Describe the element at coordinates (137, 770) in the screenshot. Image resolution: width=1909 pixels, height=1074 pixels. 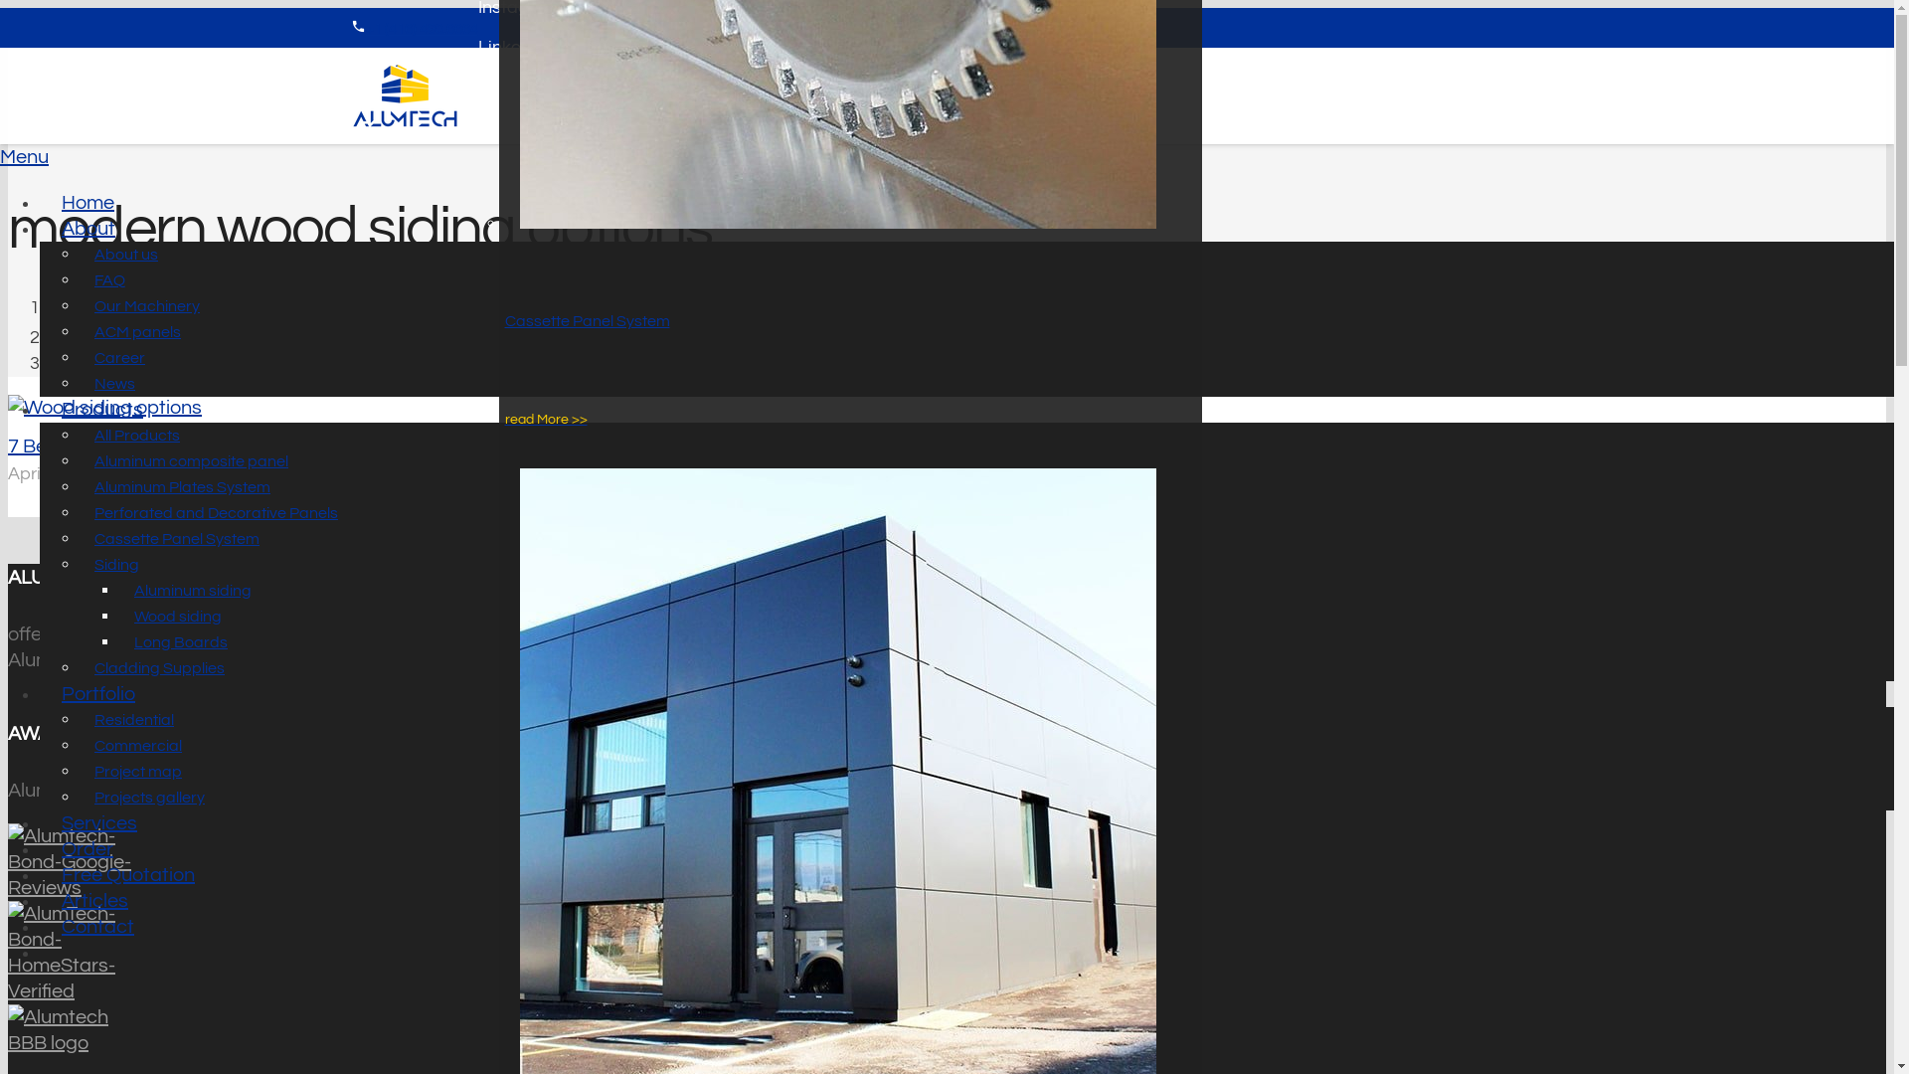
I see `'Project map'` at that location.